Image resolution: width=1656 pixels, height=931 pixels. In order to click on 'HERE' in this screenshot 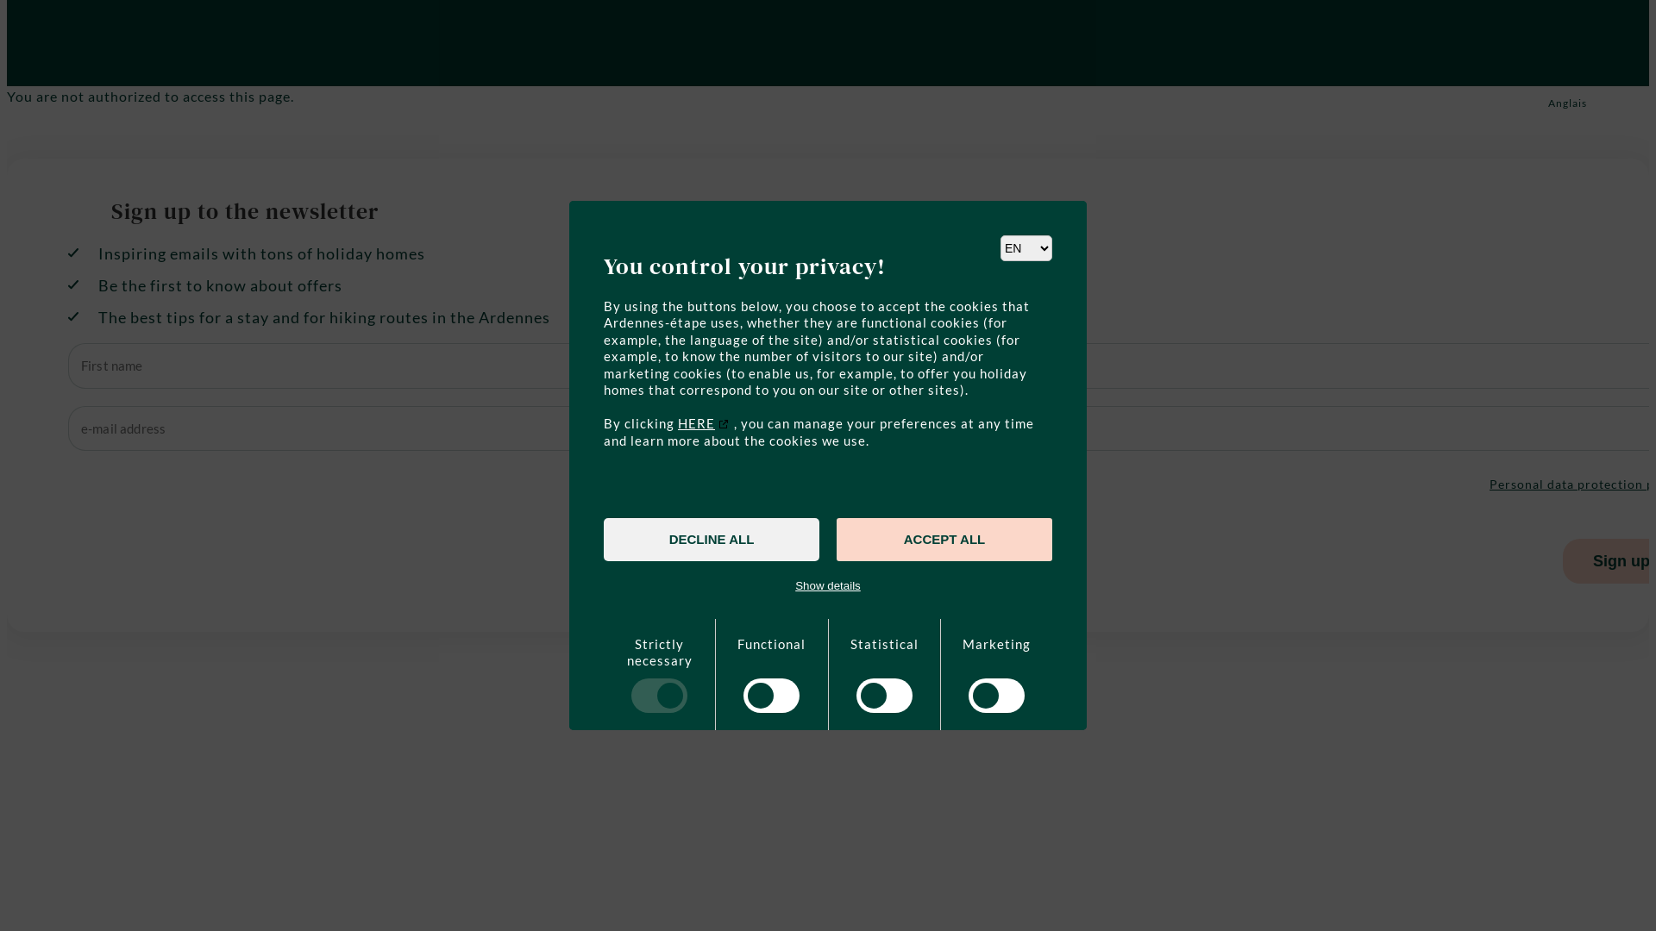, I will do `click(704, 422)`.